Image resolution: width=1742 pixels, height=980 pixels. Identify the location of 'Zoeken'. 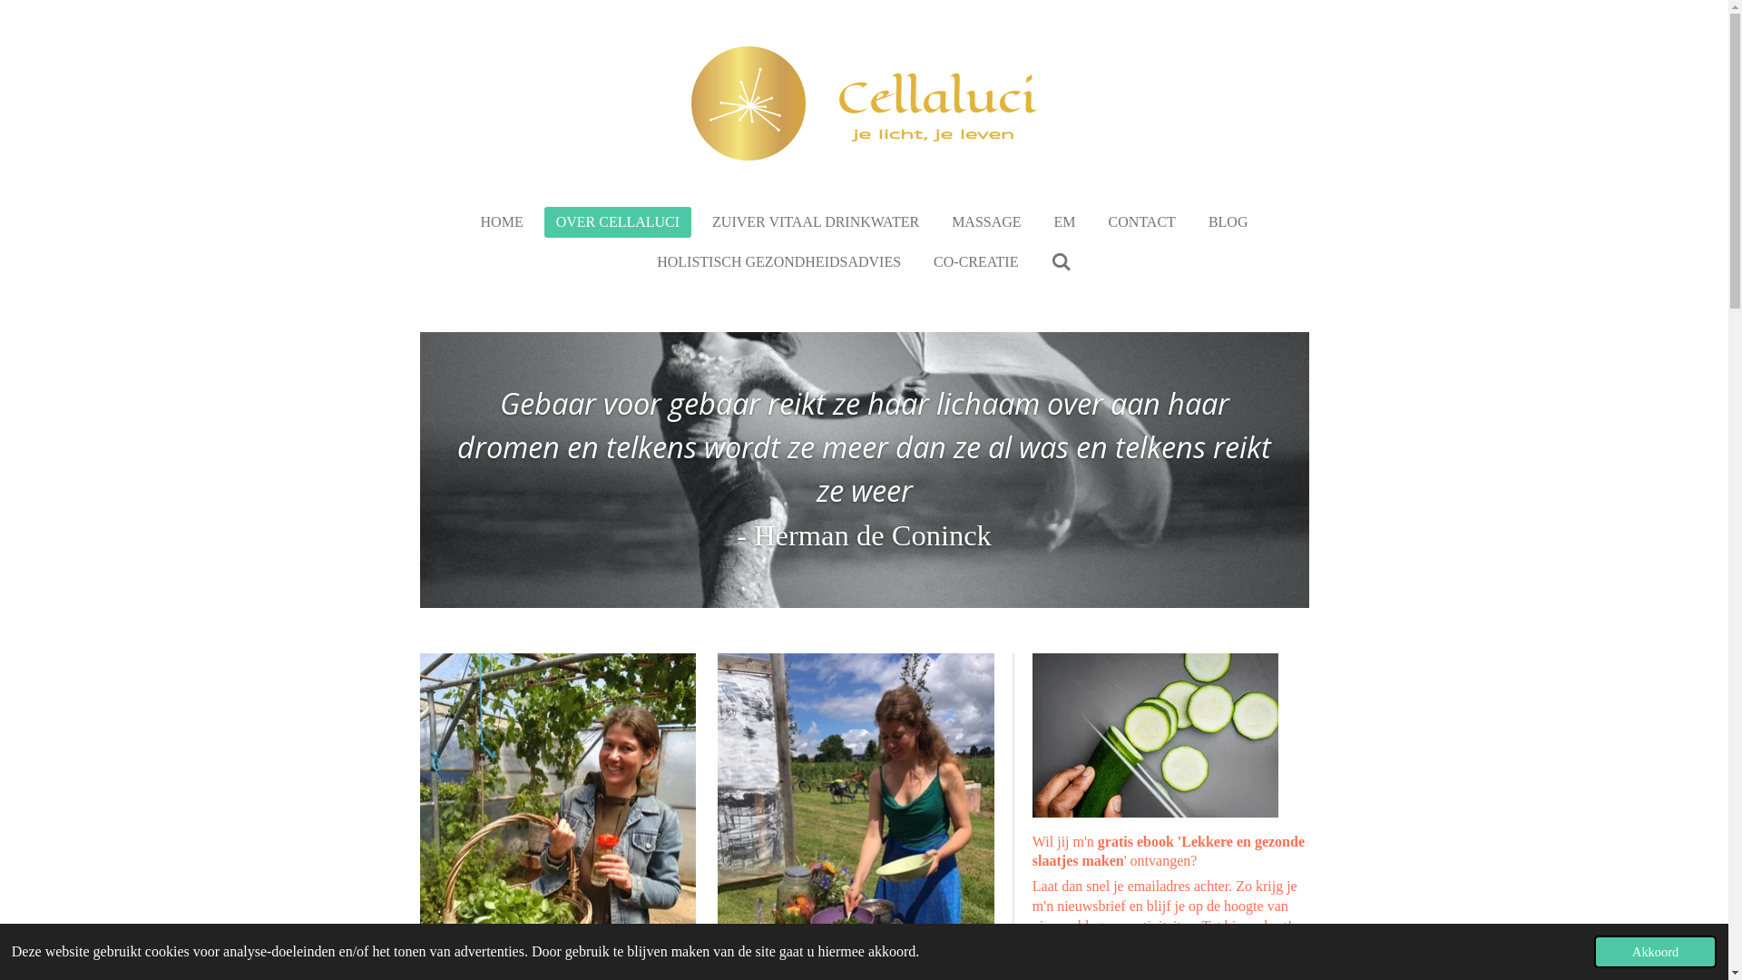
(1061, 262).